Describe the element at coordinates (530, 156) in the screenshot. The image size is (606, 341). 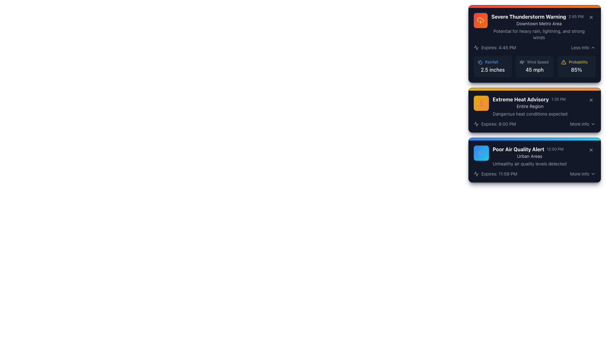
I see `the text label displaying 'Urban Areas' which is located beneath the title 'Poor Air Quality Alert' and the timestamp '12:00 PM' within the third card of a vertical list` at that location.